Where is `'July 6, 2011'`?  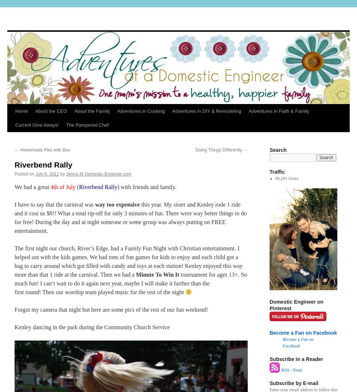 'July 6, 2011' is located at coordinates (47, 173).